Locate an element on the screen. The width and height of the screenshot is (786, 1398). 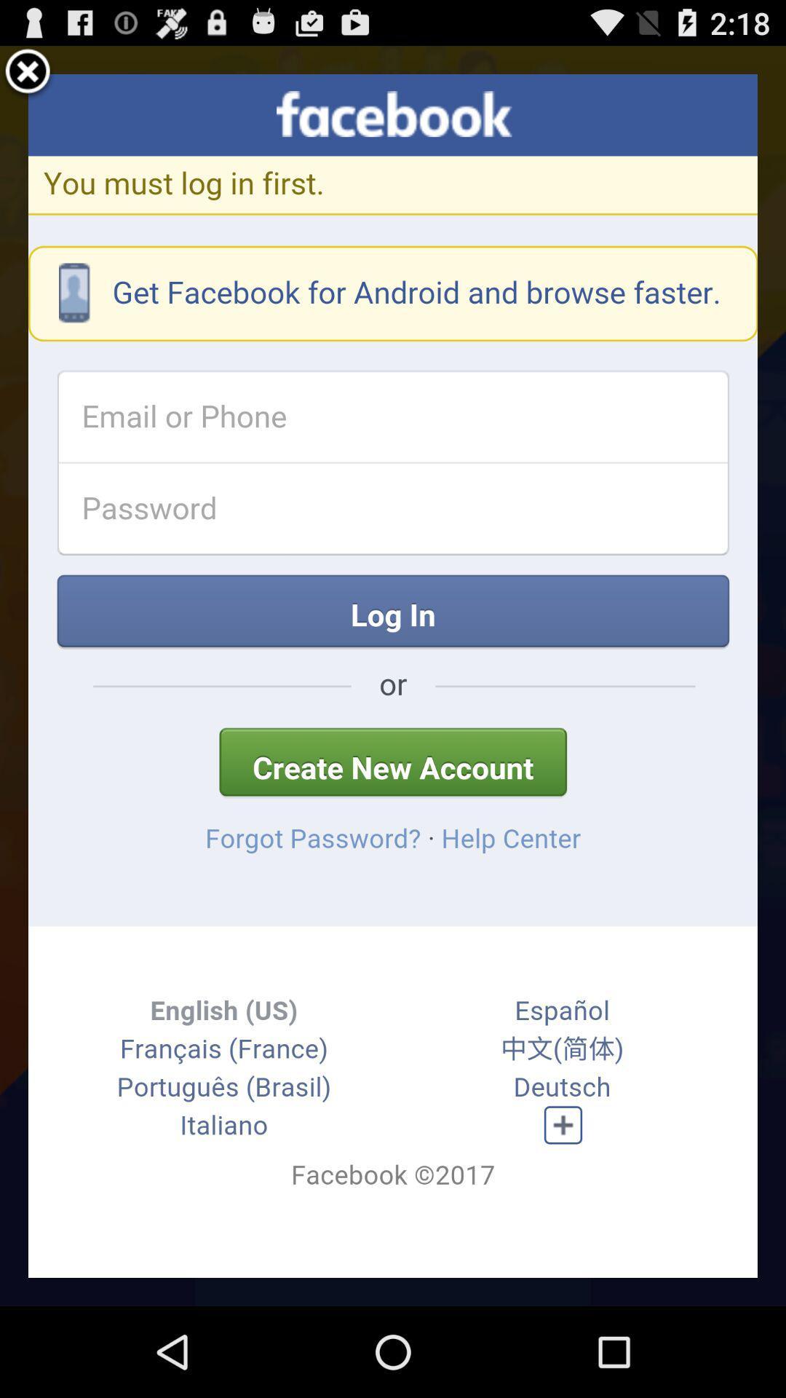
button is located at coordinates (28, 73).